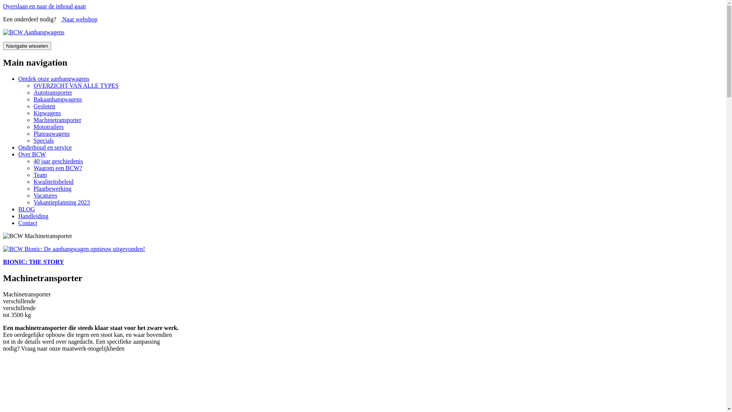  I want to click on 'Onderhoud en service', so click(18, 147).